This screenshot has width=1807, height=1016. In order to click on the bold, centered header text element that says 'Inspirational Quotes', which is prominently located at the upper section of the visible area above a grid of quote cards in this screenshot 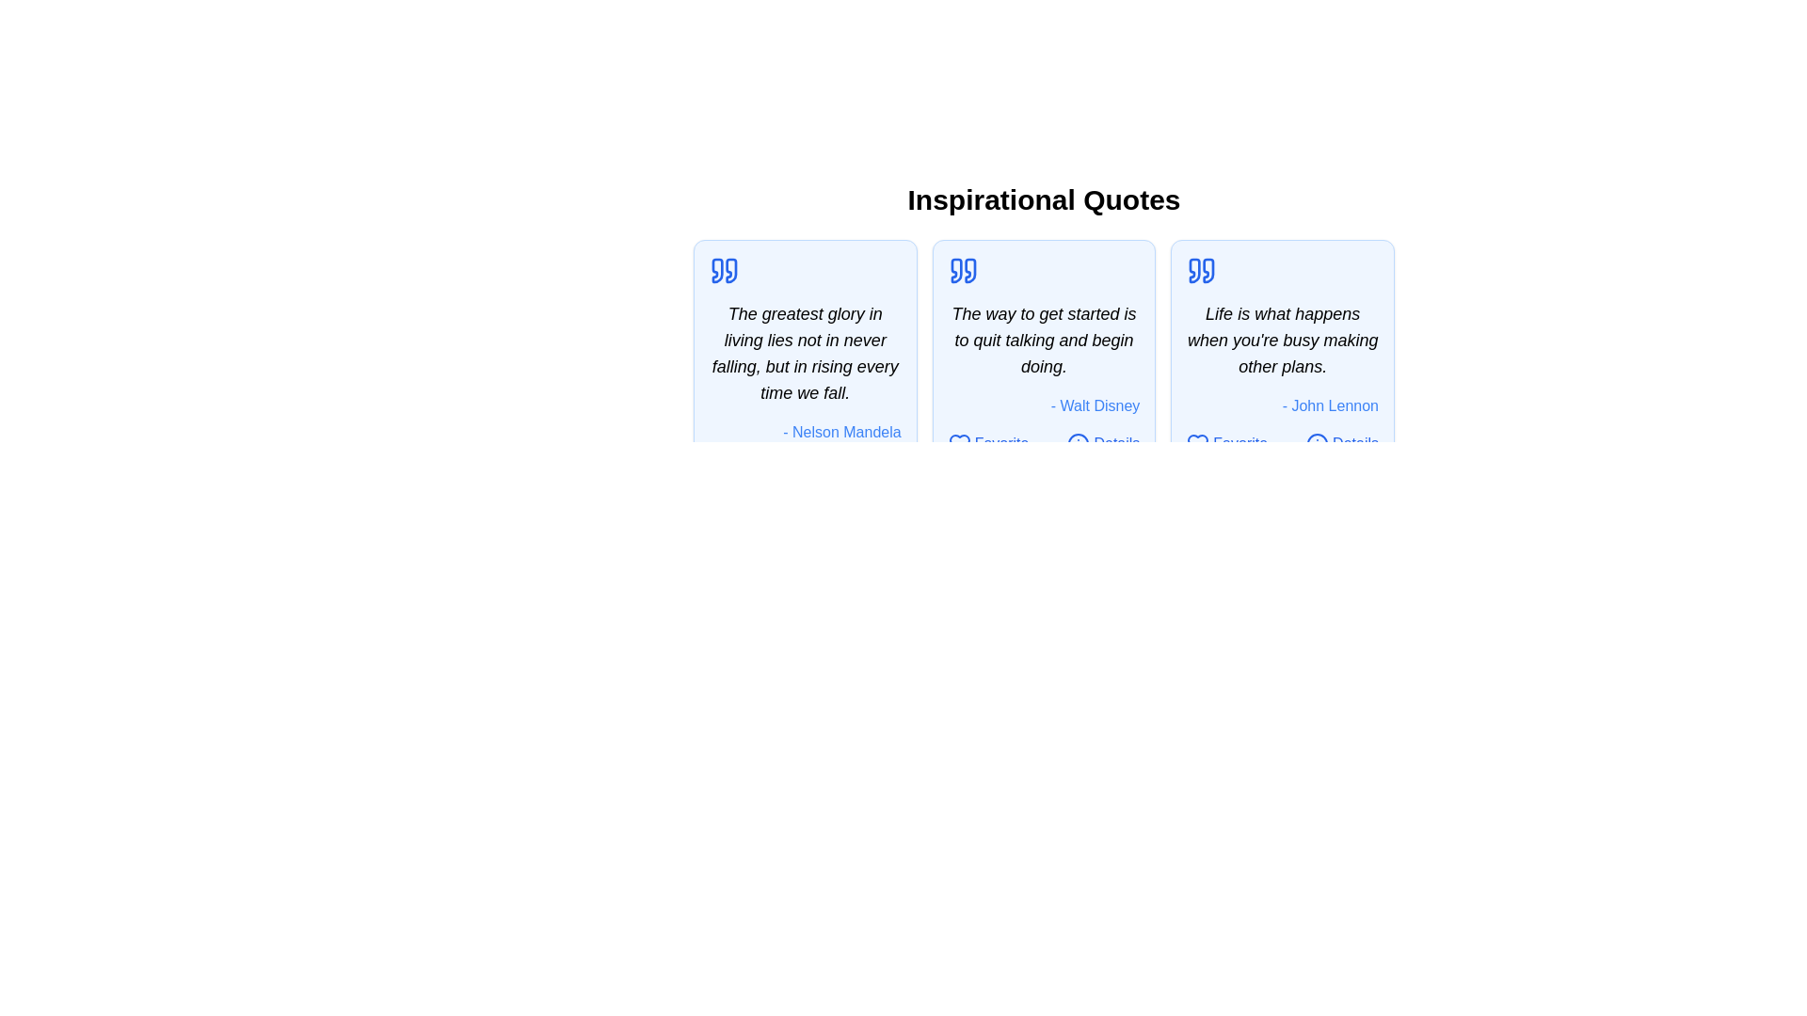, I will do `click(1043, 199)`.